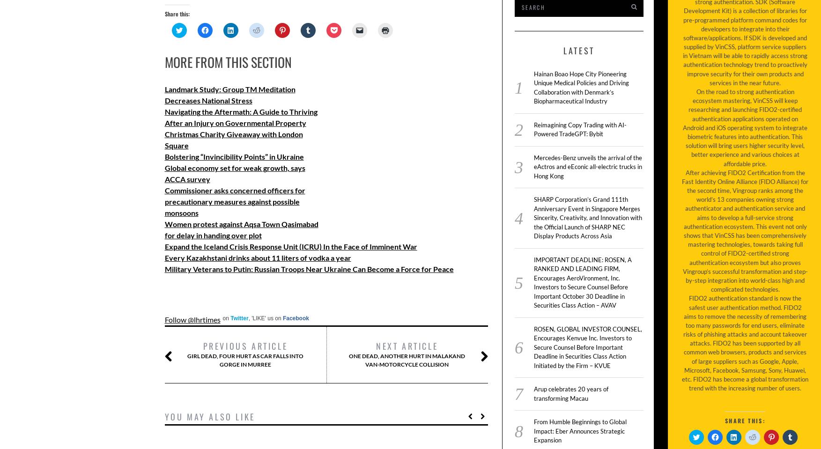 This screenshot has width=821, height=449. Describe the element at coordinates (192, 319) in the screenshot. I see `'Follow @lhrtimes'` at that location.